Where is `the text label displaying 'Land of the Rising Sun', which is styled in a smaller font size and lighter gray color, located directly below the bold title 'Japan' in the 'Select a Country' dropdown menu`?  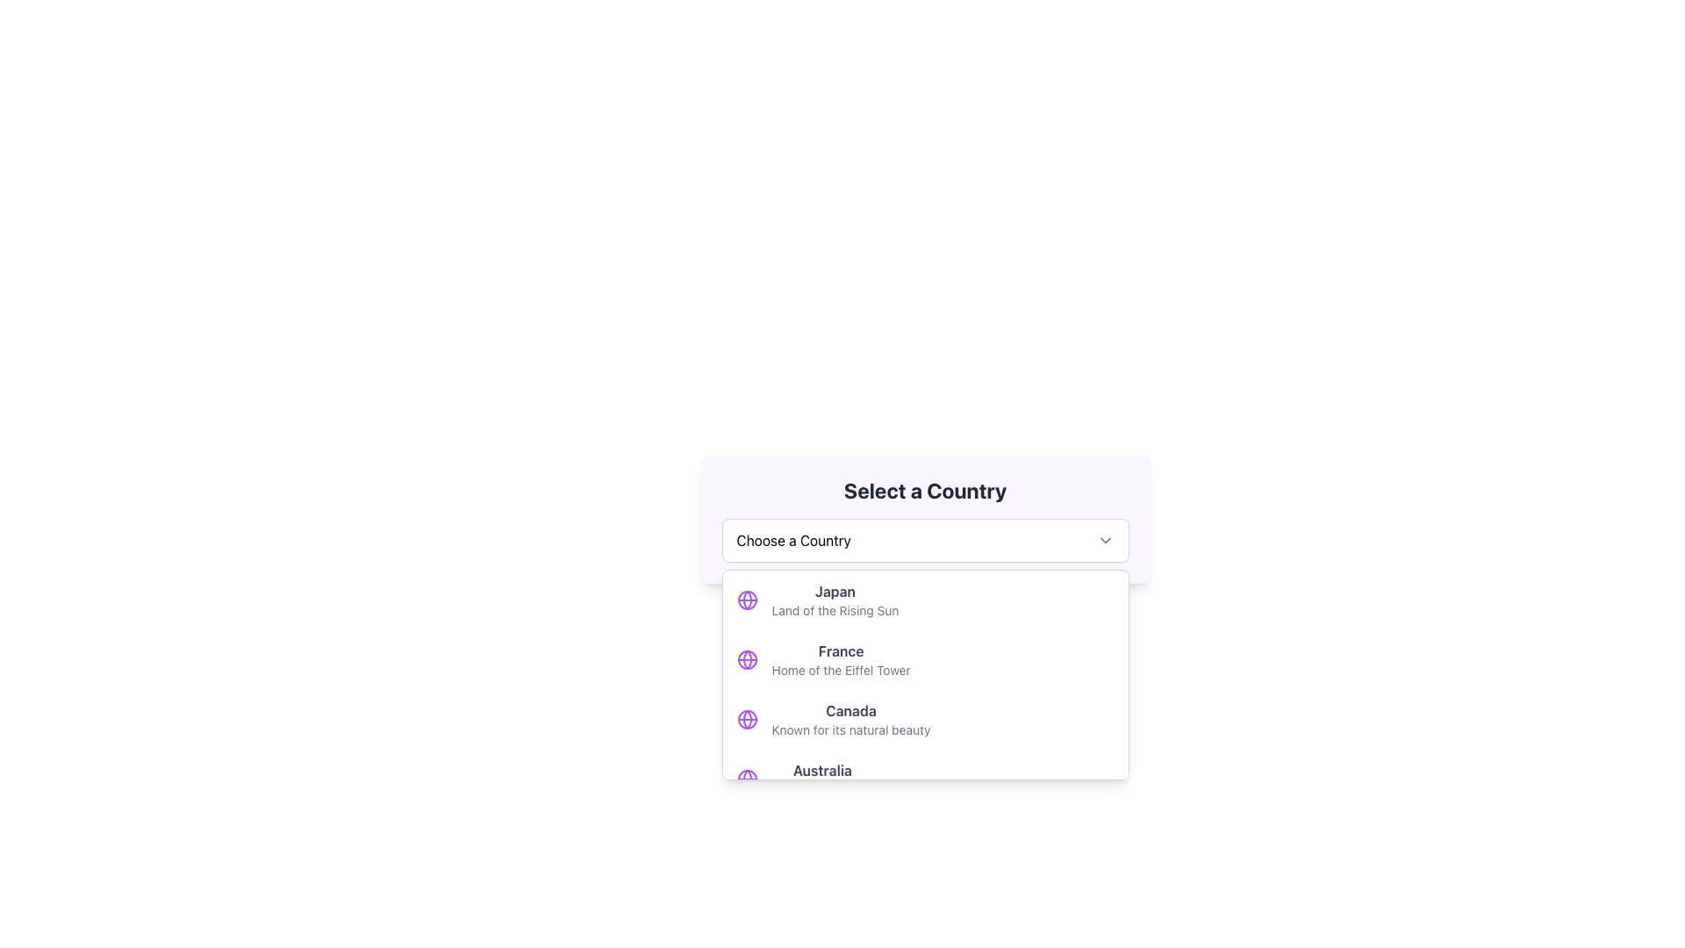
the text label displaying 'Land of the Rising Sun', which is styled in a smaller font size and lighter gray color, located directly below the bold title 'Japan' in the 'Select a Country' dropdown menu is located at coordinates (834, 609).